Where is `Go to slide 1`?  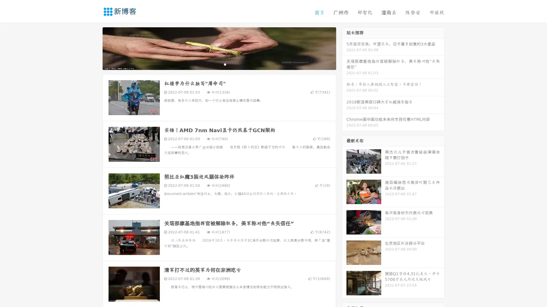 Go to slide 1 is located at coordinates (213, 64).